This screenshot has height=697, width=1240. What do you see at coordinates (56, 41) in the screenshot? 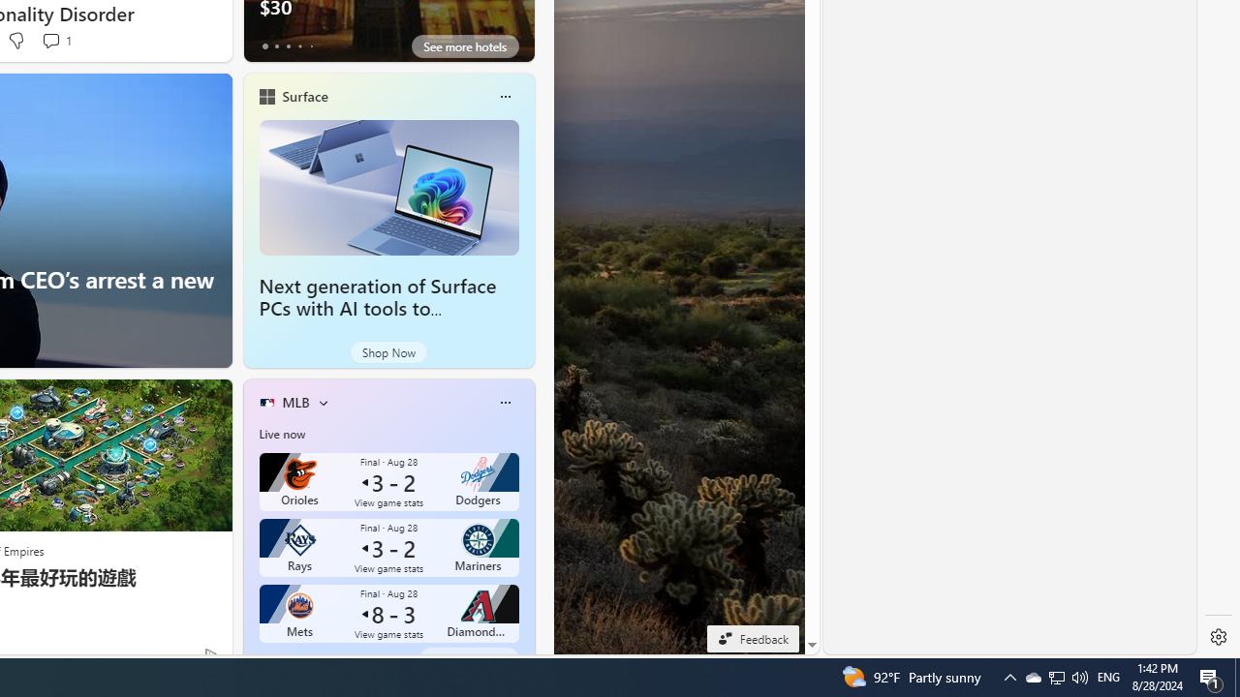
I see `'View comments 1 Comment'` at bounding box center [56, 41].